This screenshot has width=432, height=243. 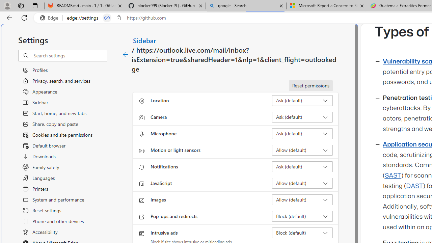 What do you see at coordinates (326, 6) in the screenshot?
I see `'Microsoft-Report a Concern to Bing'` at bounding box center [326, 6].